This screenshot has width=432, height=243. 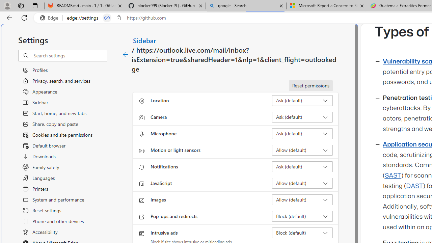 What do you see at coordinates (326, 6) in the screenshot?
I see `'Microsoft-Report a Concern to Bing'` at bounding box center [326, 6].